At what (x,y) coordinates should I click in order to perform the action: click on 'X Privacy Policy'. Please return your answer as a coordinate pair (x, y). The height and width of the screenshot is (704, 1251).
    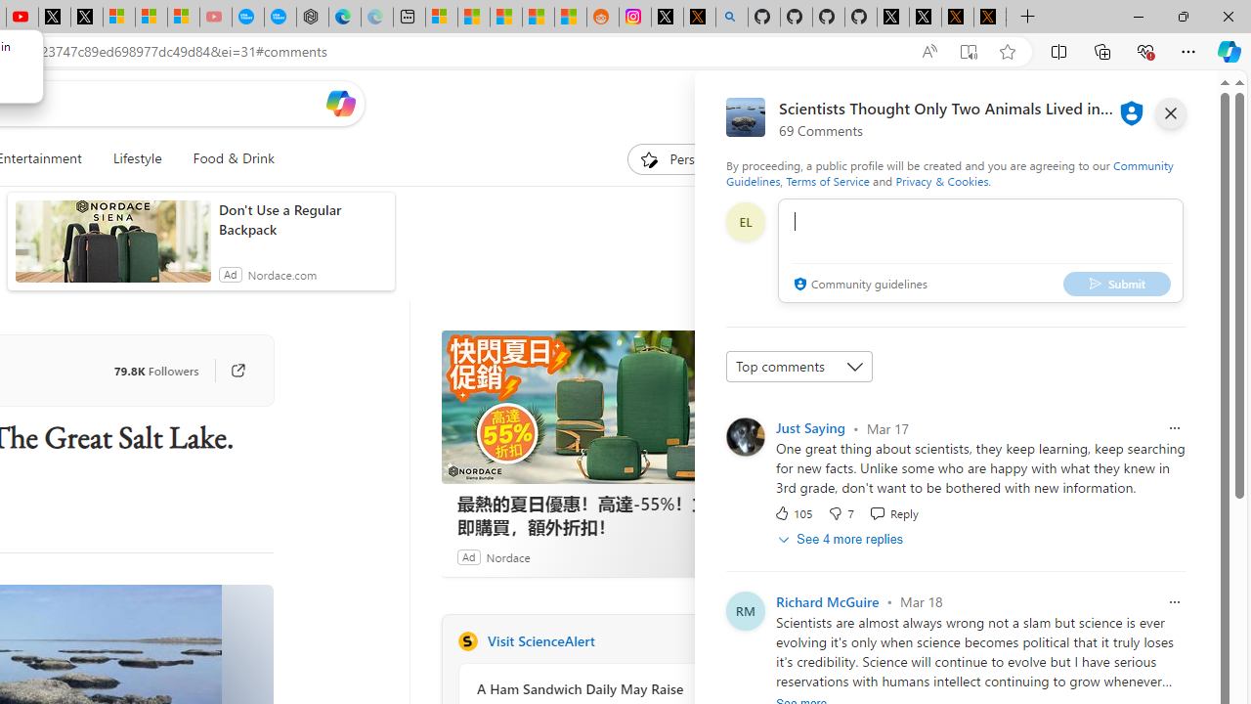
    Looking at the image, I should click on (990, 17).